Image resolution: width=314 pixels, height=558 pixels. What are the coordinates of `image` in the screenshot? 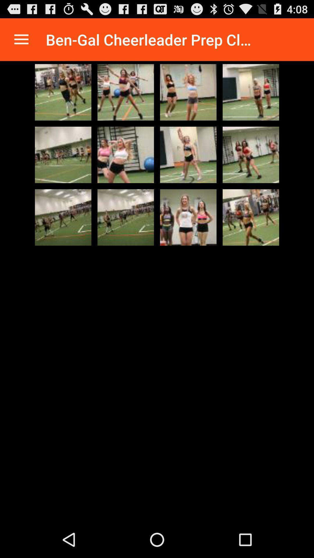 It's located at (63, 217).